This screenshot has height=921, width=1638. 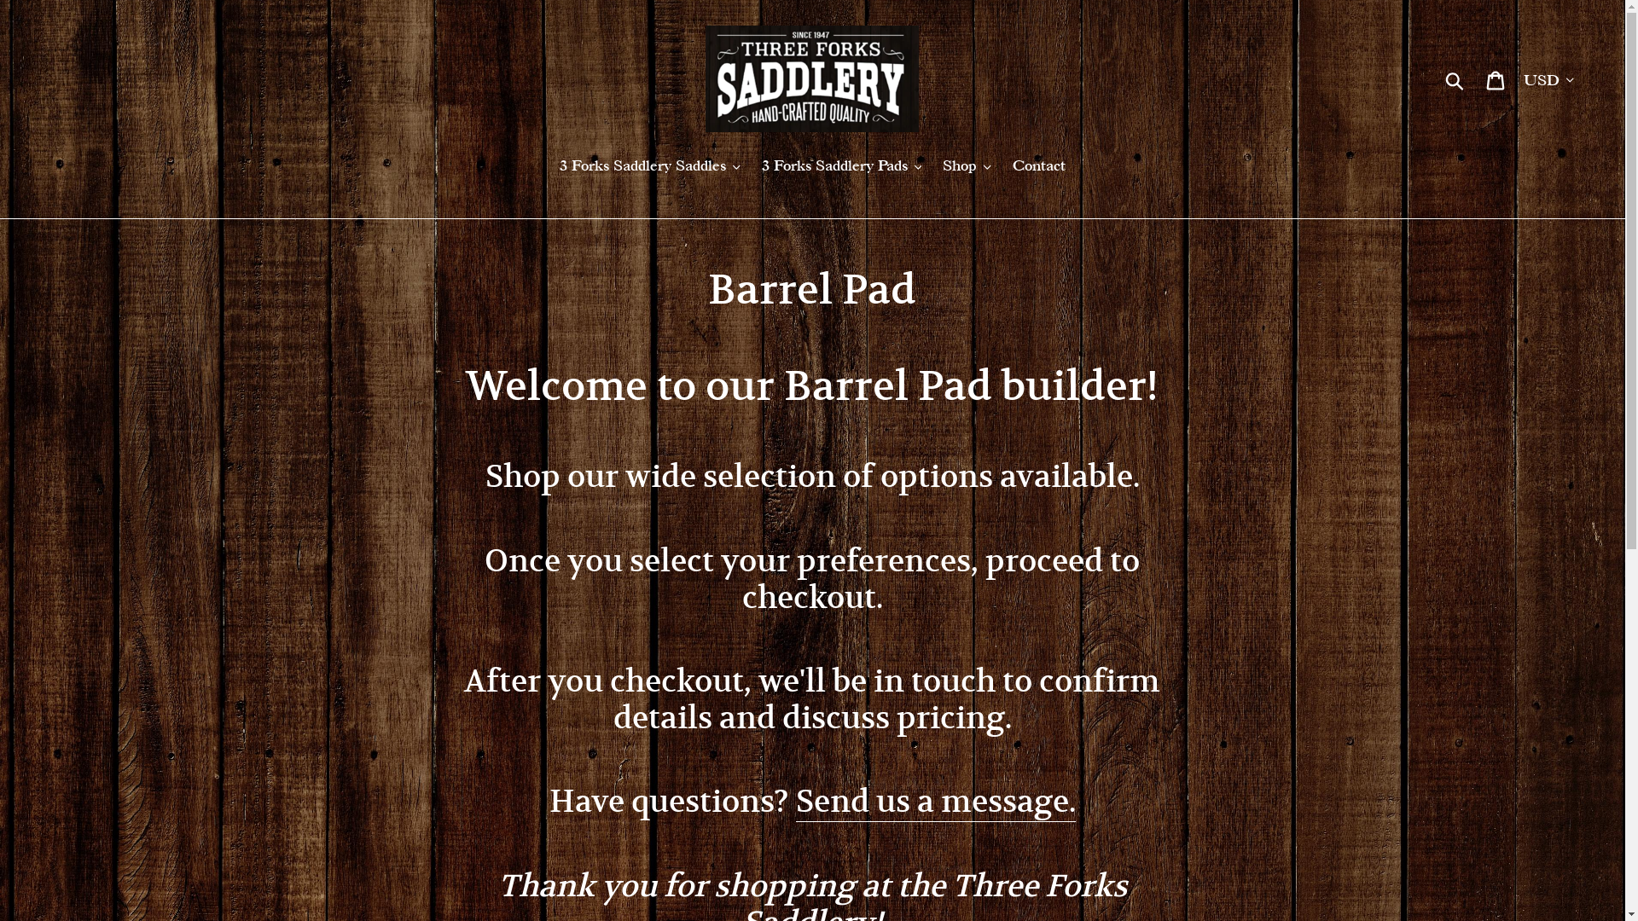 I want to click on 'Contact', so click(x=1038, y=166).